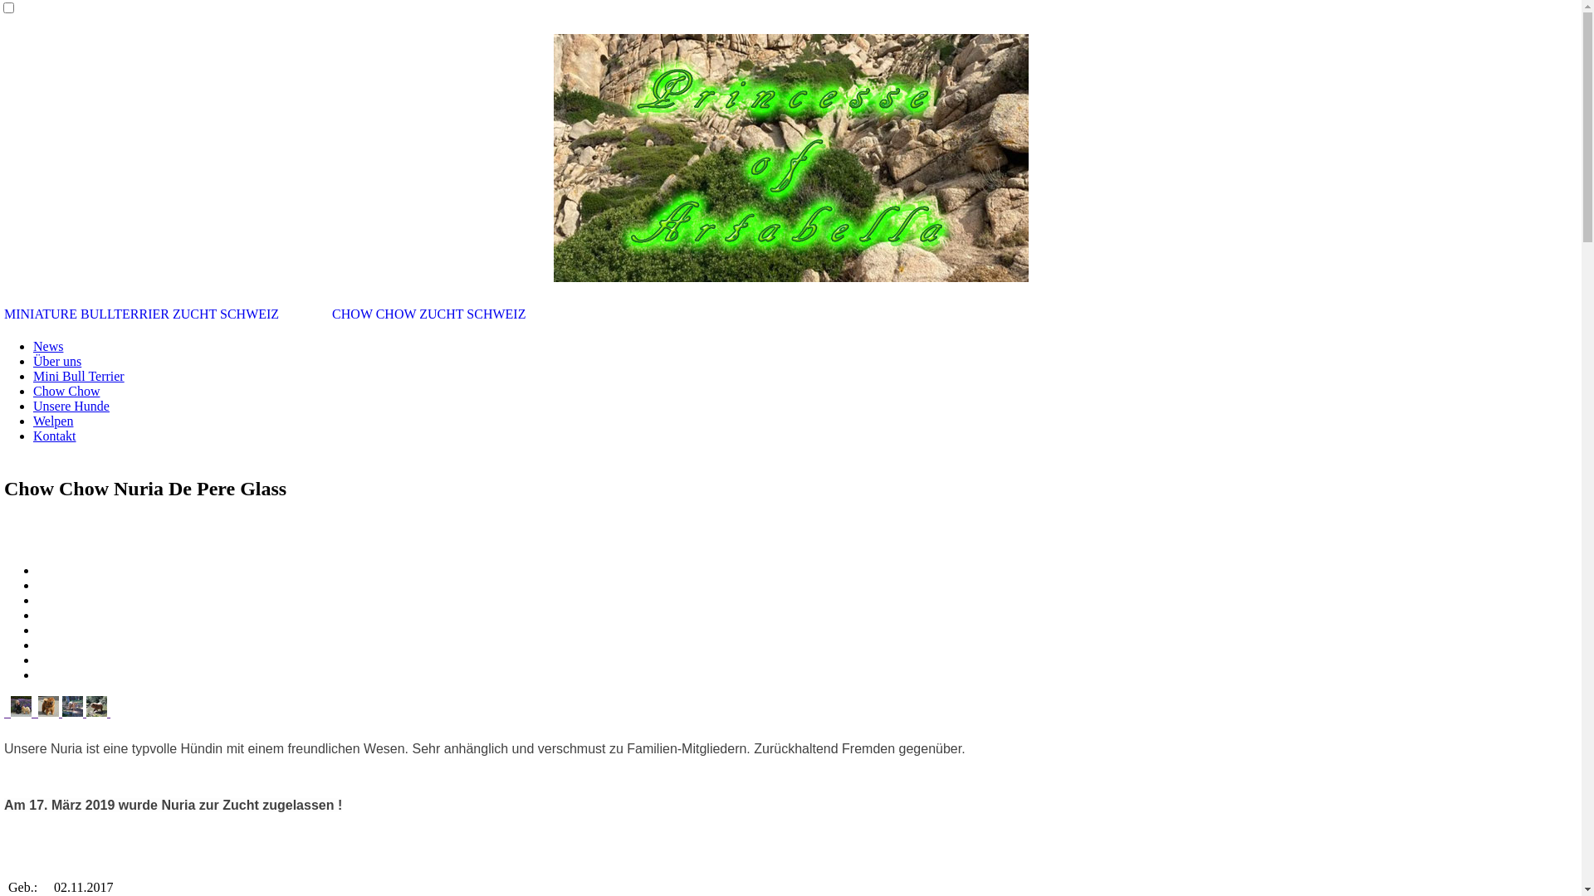 This screenshot has height=896, width=1594. Describe the element at coordinates (66, 391) in the screenshot. I see `'Chow Chow'` at that location.